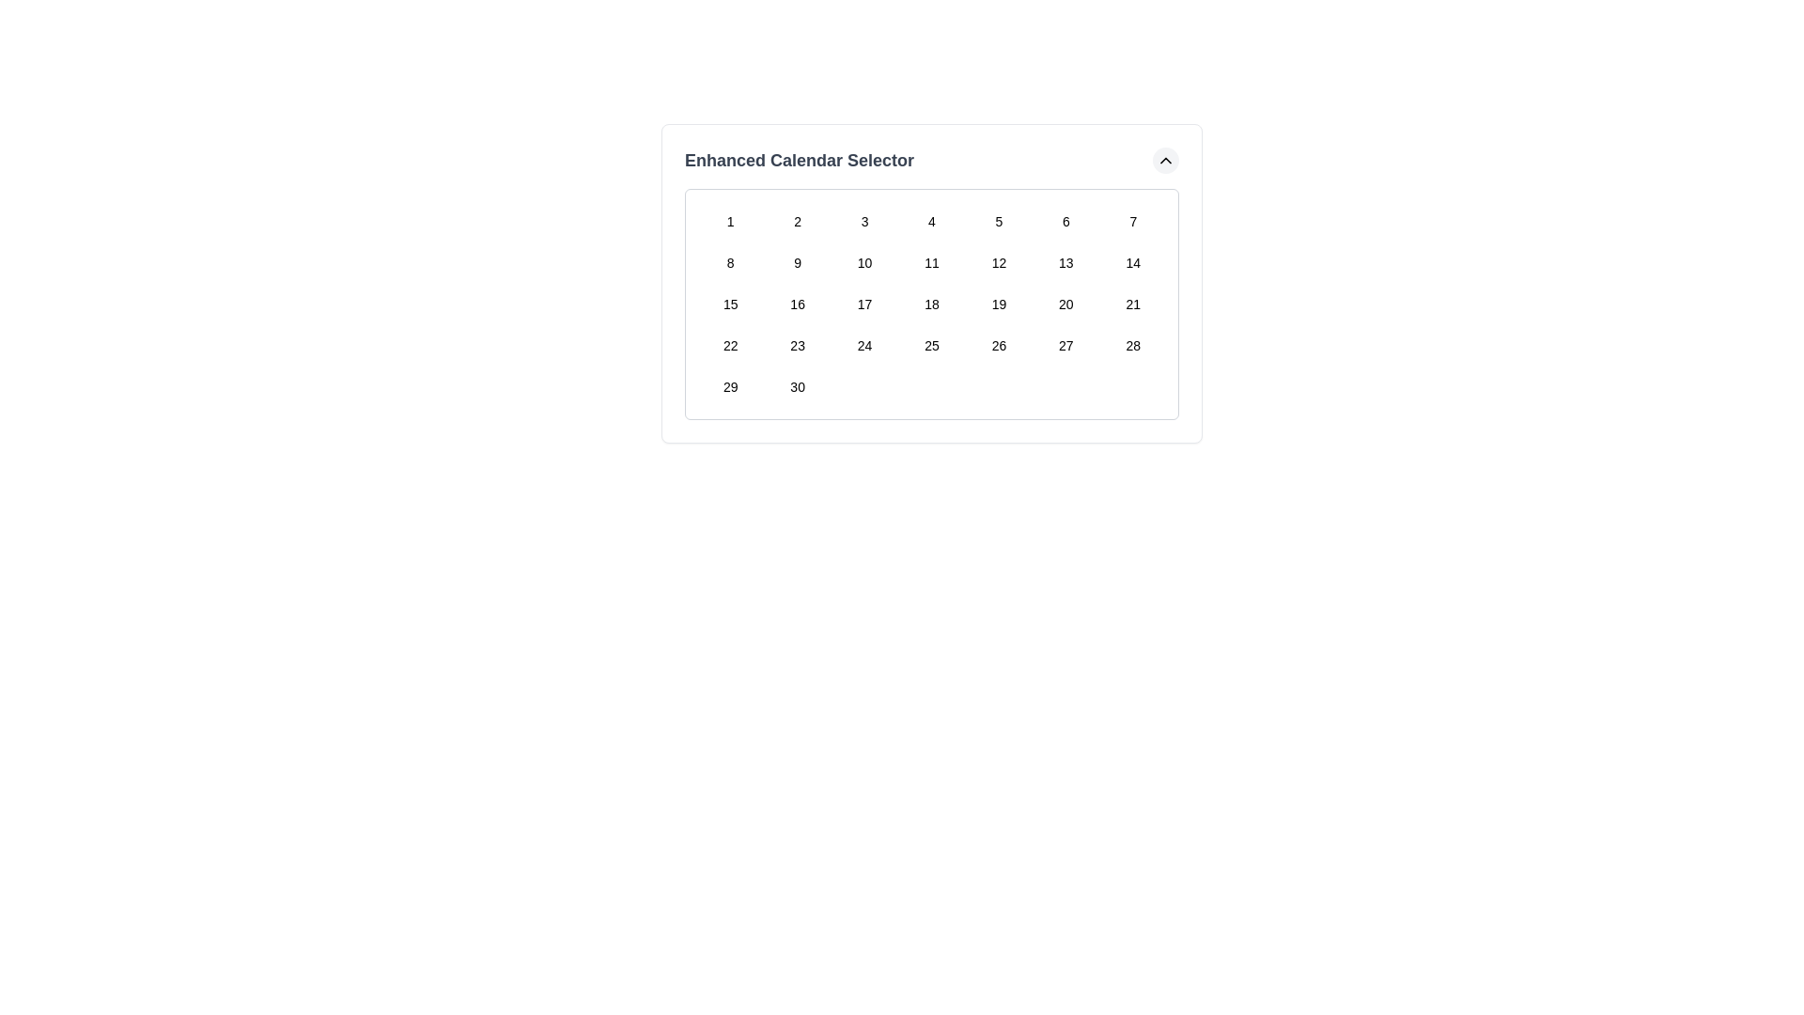  Describe the element at coordinates (798, 345) in the screenshot. I see `the button representing the 23rd day in the calendar interface` at that location.